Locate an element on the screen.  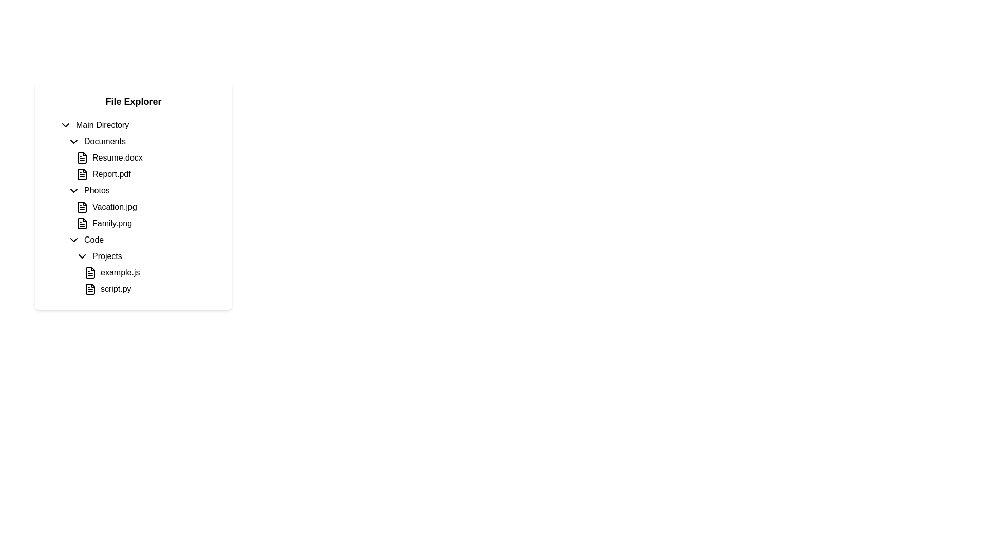
the 'Report.pdf' file label, which is a text label with an accompanying document icon is located at coordinates (141, 173).